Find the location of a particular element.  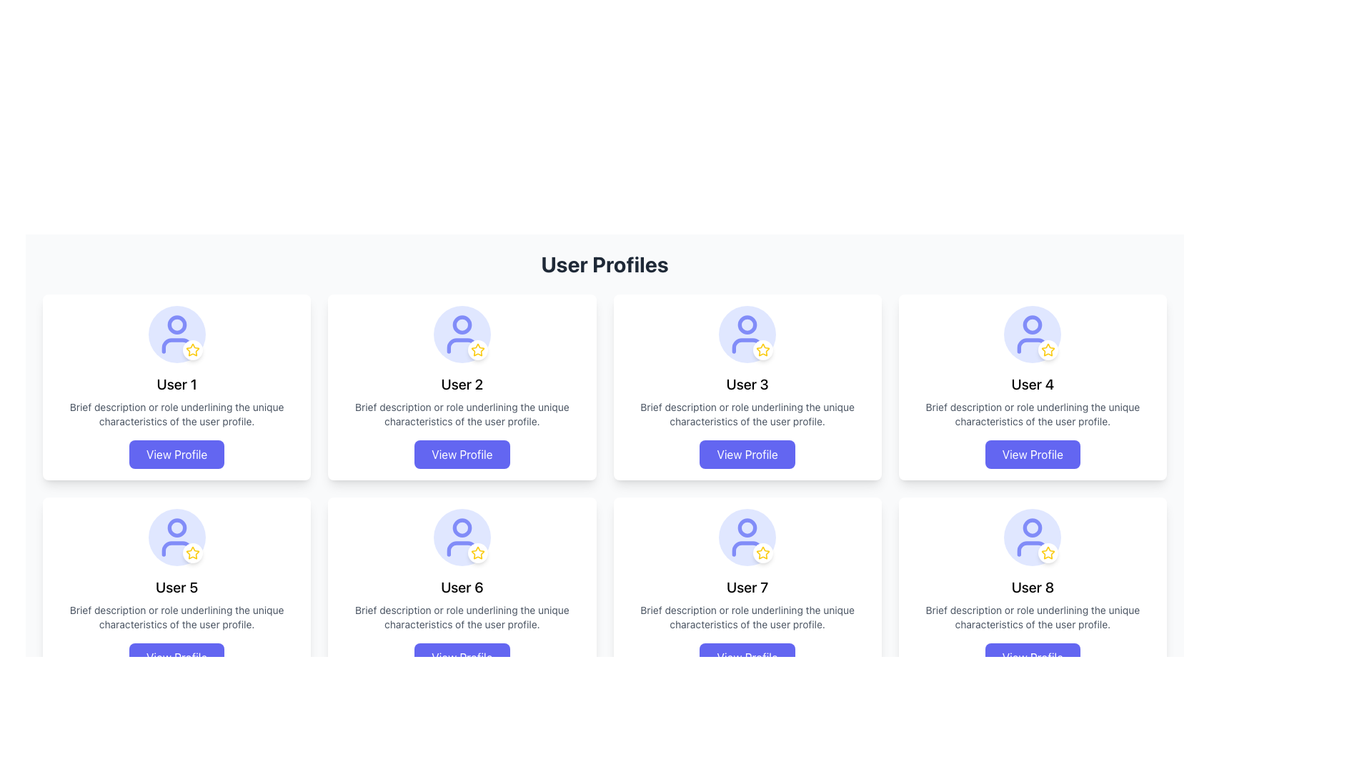

text that displays the name or identifier of the user associated with the fourth user card from the left, located in the top row of the grid layout, just below the avatar icon is located at coordinates (1033, 383).